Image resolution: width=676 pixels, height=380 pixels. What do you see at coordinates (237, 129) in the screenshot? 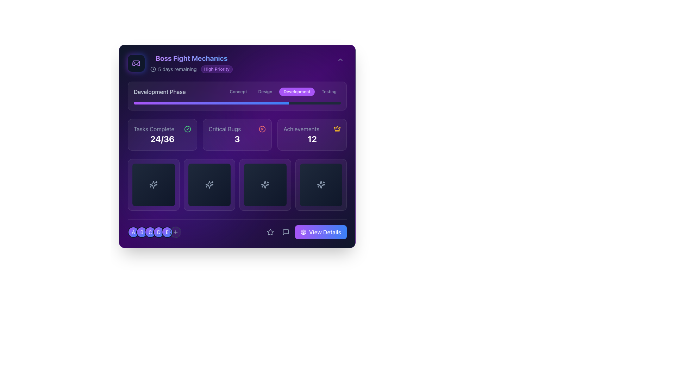
I see `text of the 'Critical Bugs' label, which is positioned in the upper-middle row of the card layout, to the right of 'Tasks Complete' and to the left of 'Achievements'` at bounding box center [237, 129].